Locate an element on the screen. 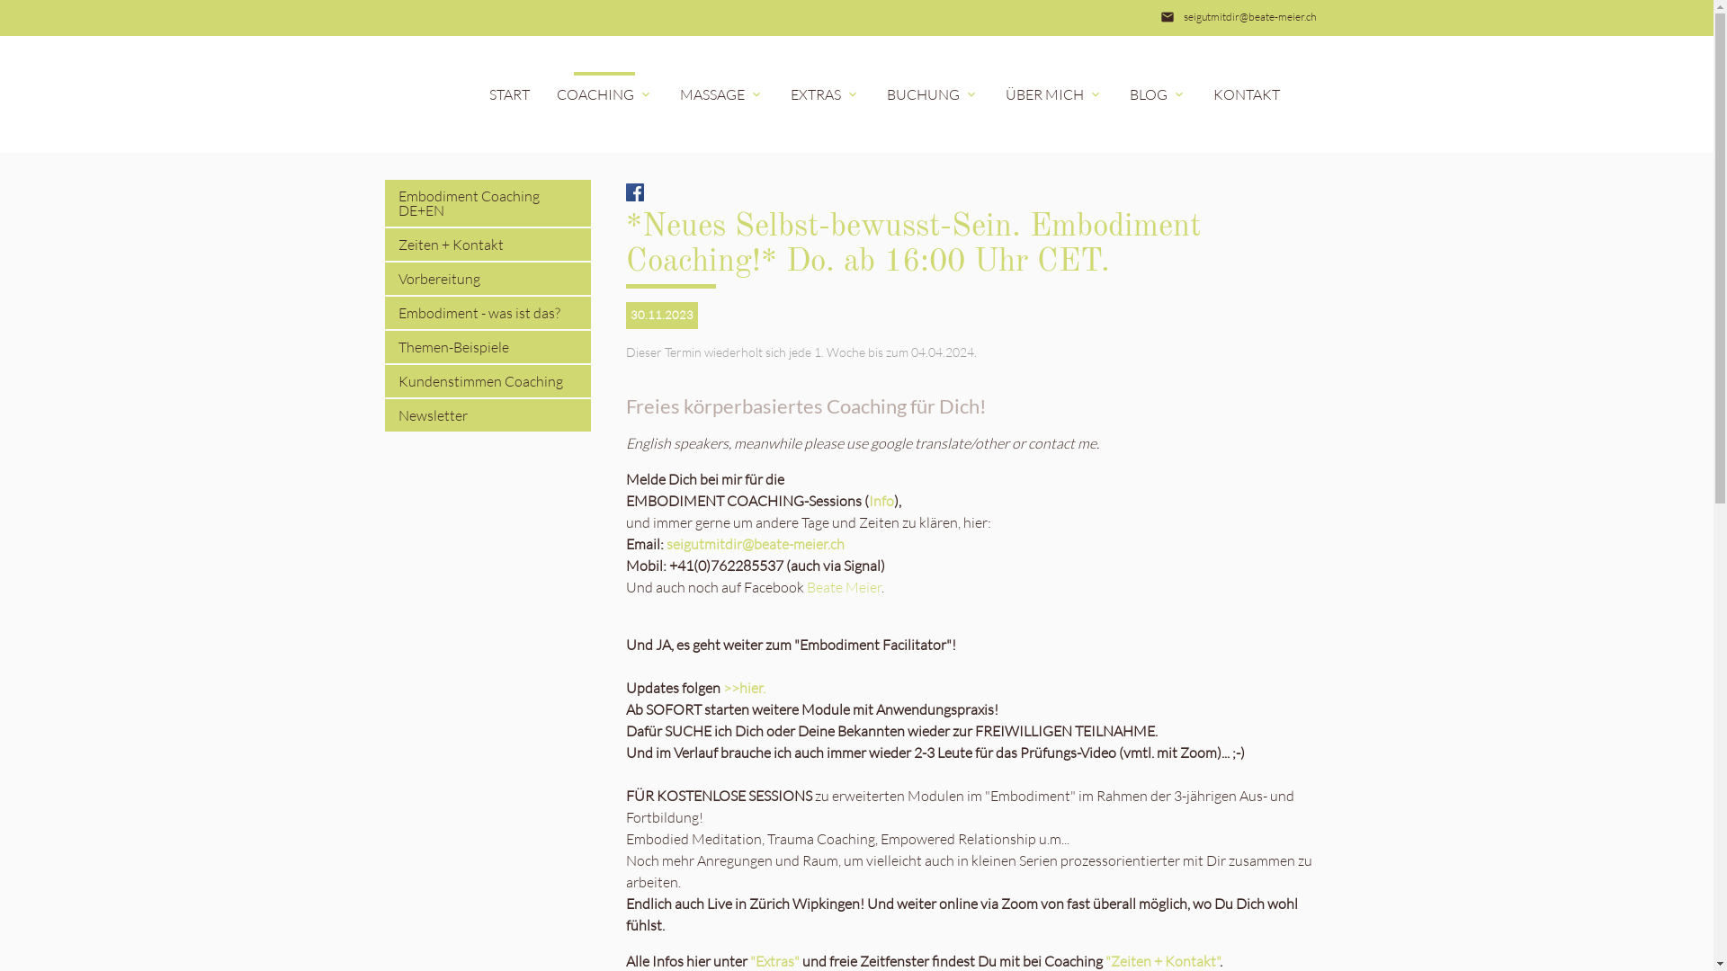 This screenshot has width=1727, height=971. '"Extras"' is located at coordinates (774, 959).